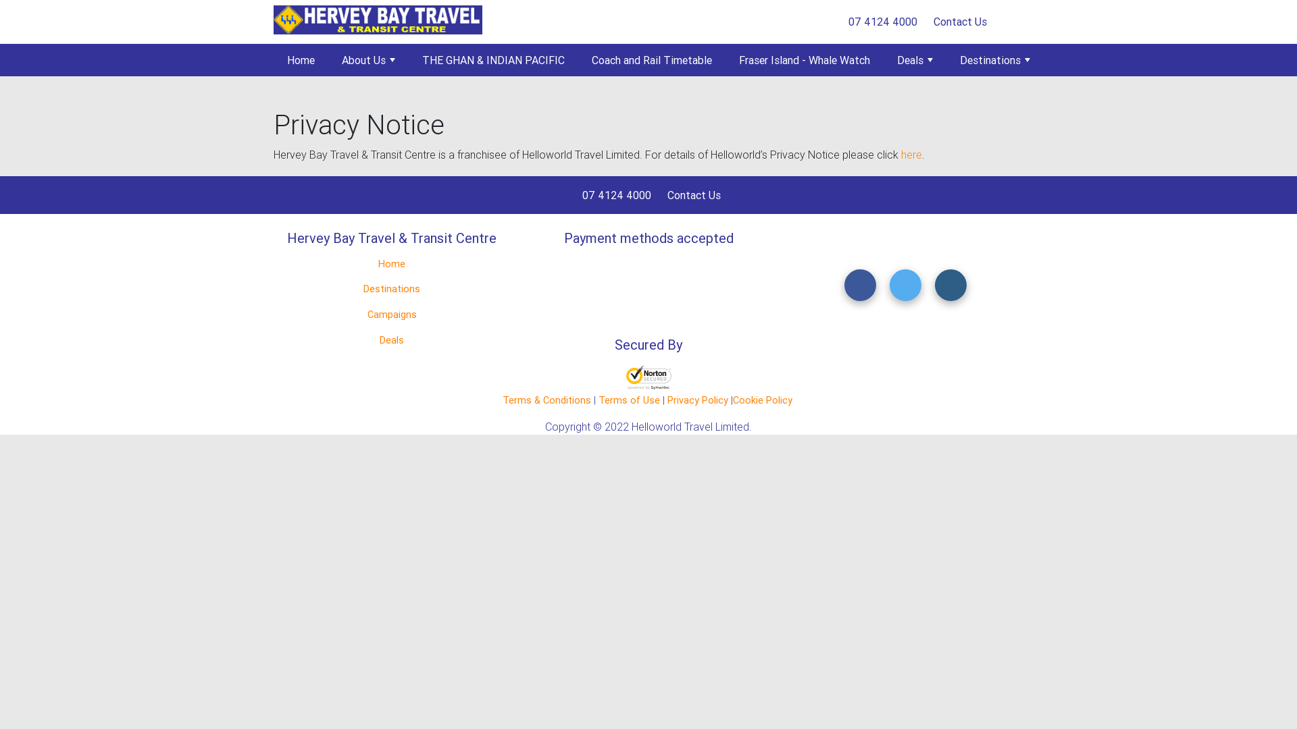 The image size is (1297, 729). What do you see at coordinates (300, 59) in the screenshot?
I see `'Home'` at bounding box center [300, 59].